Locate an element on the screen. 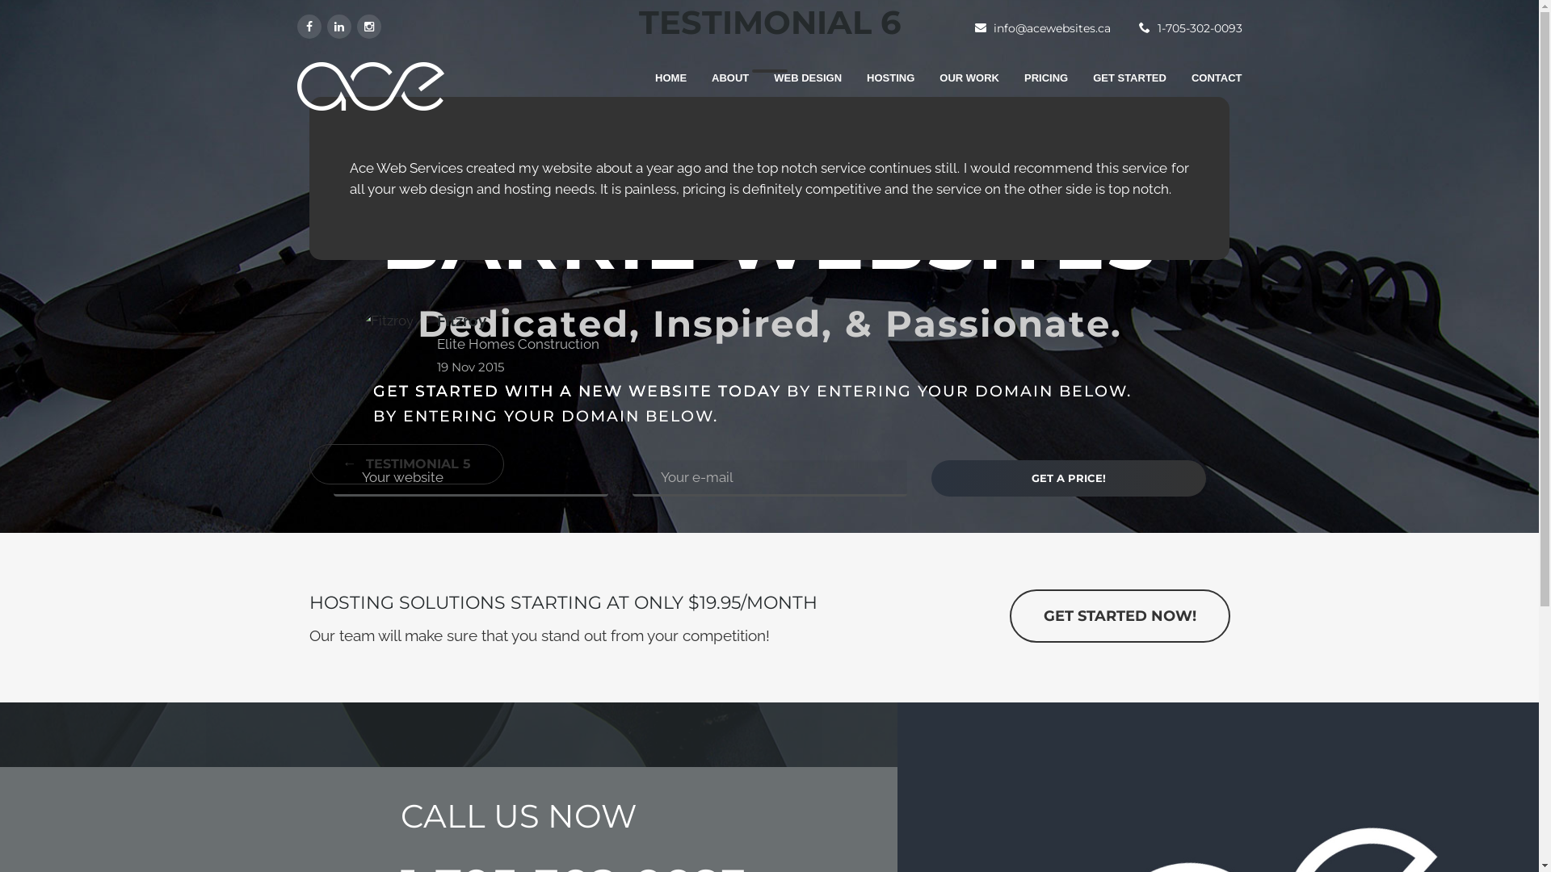 The height and width of the screenshot is (872, 1551). 'GET STARTED' is located at coordinates (1069, 86).